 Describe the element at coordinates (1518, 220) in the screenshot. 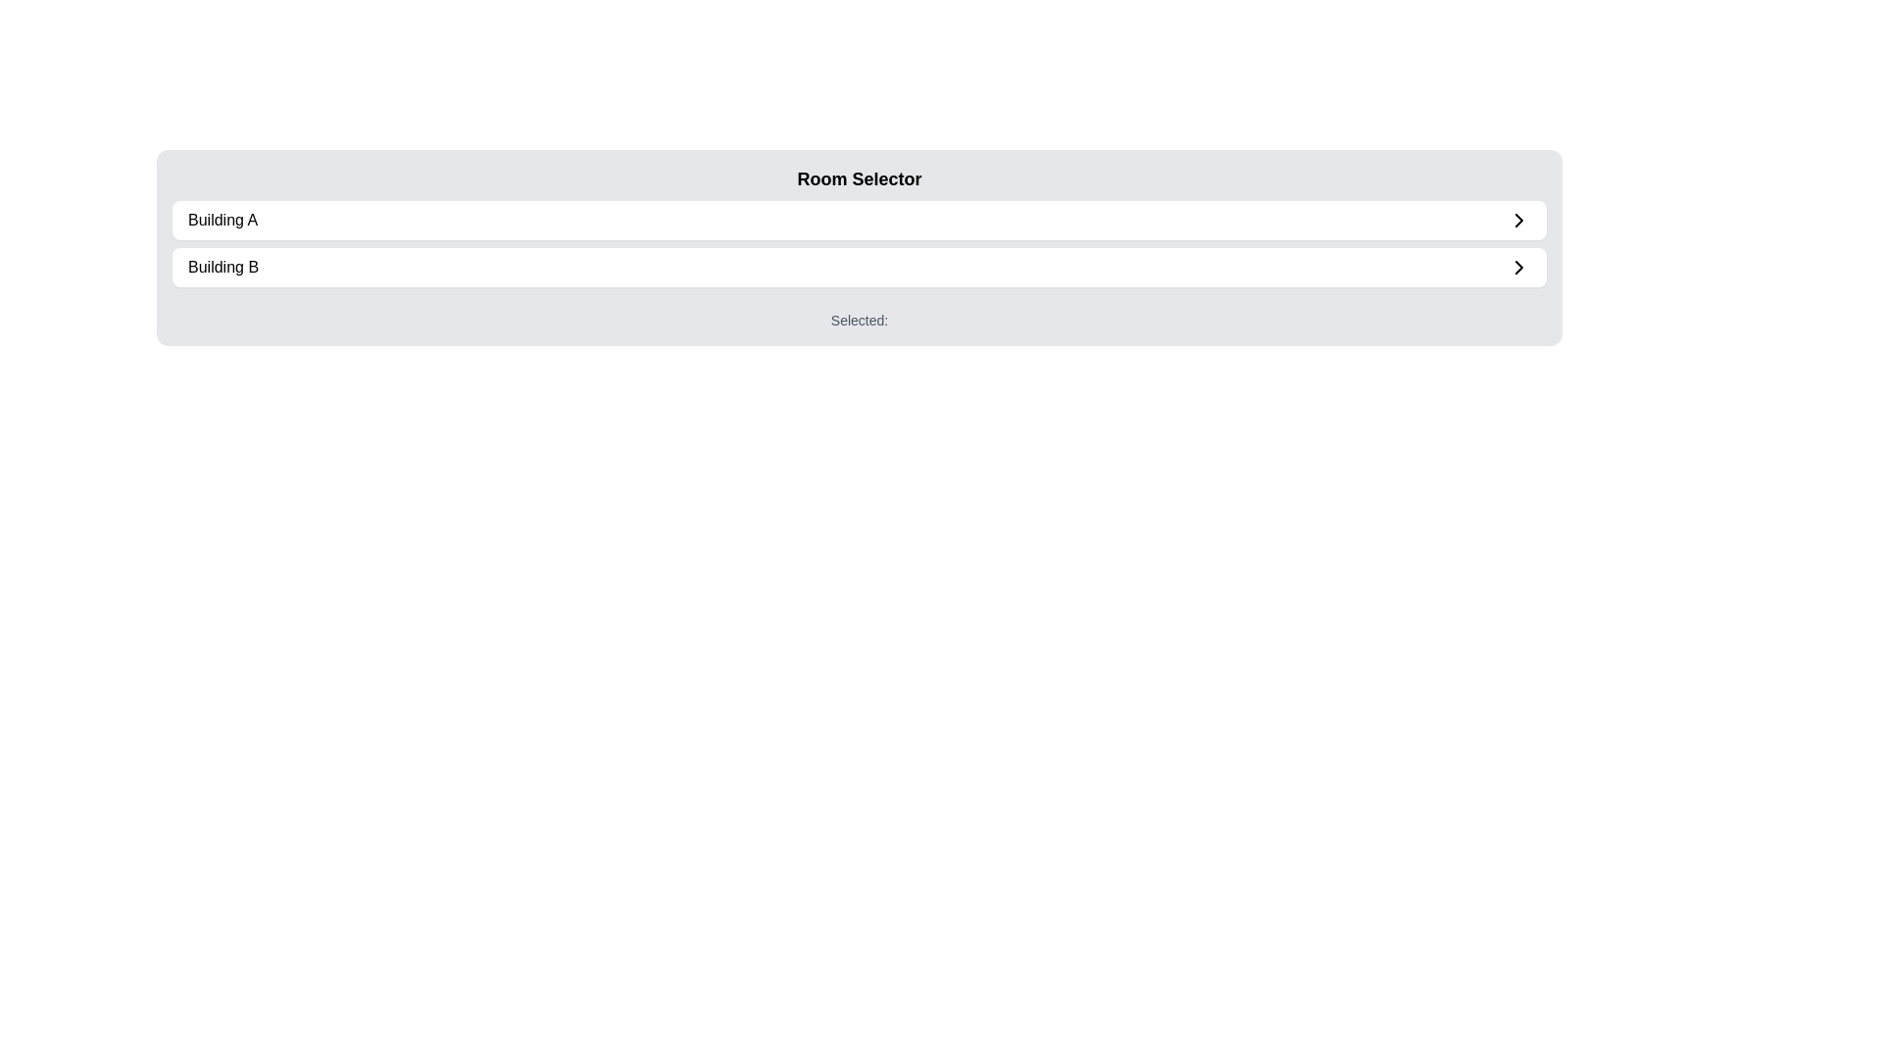

I see `the chevron icon at the far right of the 'Building A' row` at that location.